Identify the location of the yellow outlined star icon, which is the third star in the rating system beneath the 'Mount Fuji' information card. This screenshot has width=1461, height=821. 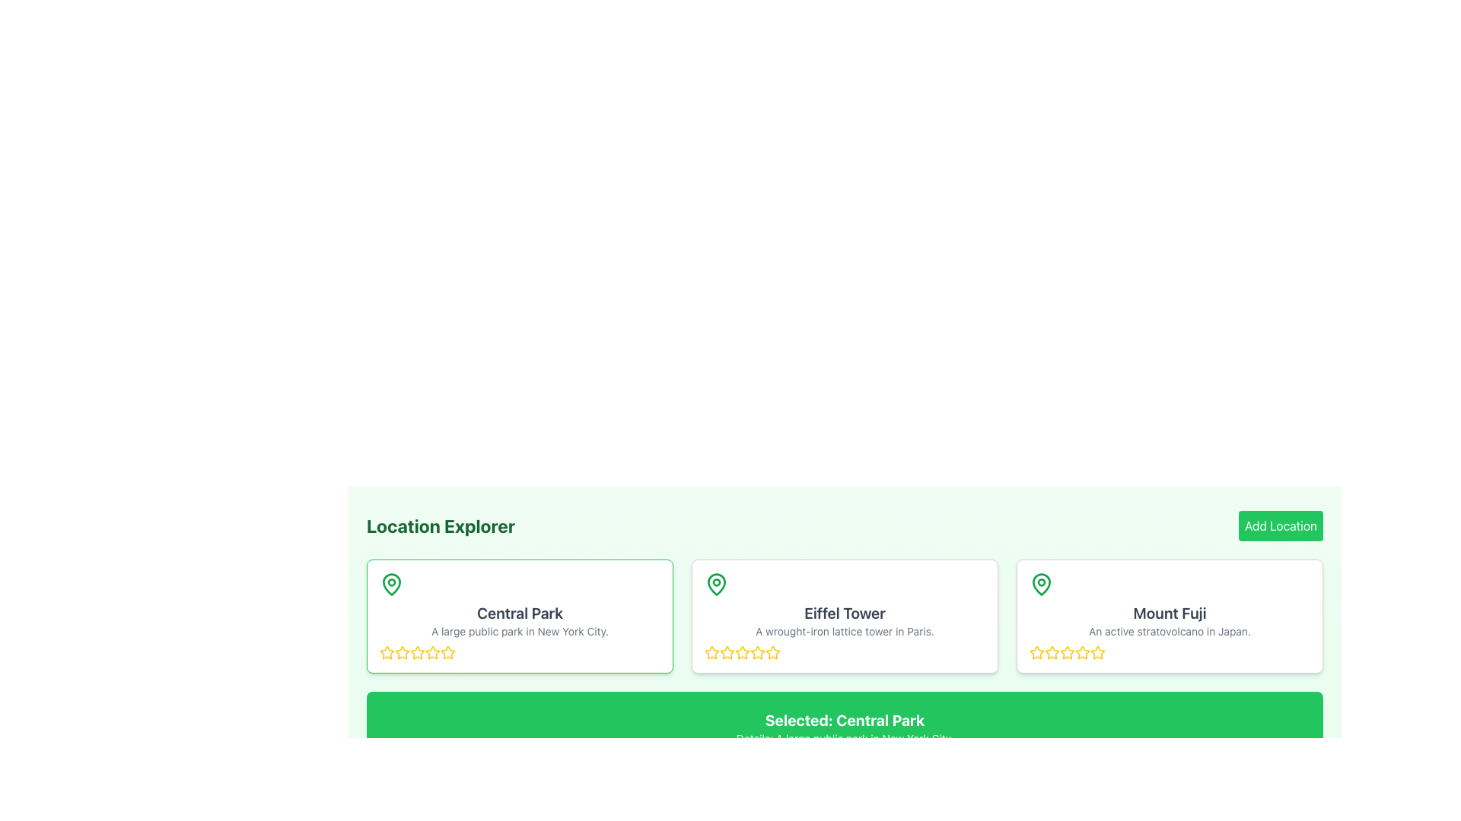
(1051, 651).